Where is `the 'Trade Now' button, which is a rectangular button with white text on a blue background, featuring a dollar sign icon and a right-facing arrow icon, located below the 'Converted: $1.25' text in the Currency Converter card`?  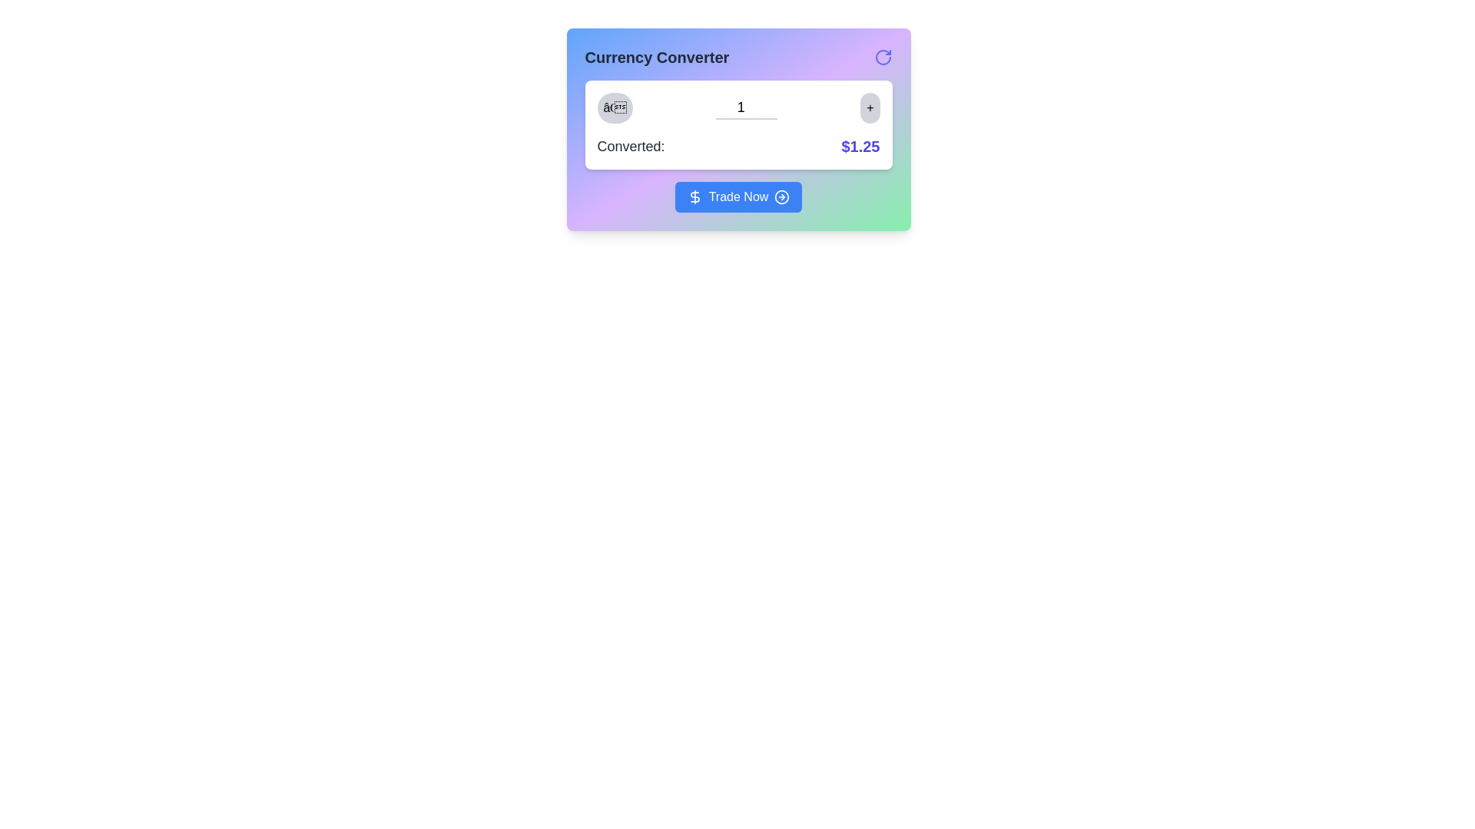
the 'Trade Now' button, which is a rectangular button with white text on a blue background, featuring a dollar sign icon and a right-facing arrow icon, located below the 'Converted: $1.25' text in the Currency Converter card is located at coordinates (738, 197).